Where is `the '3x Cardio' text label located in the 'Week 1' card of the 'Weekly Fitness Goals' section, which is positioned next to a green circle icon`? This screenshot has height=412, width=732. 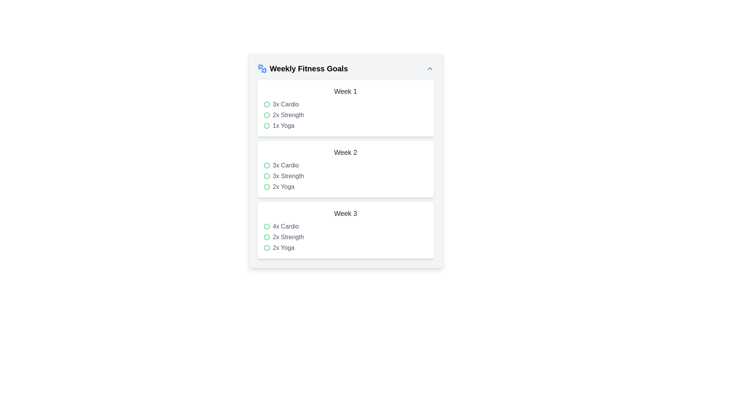 the '3x Cardio' text label located in the 'Week 1' card of the 'Weekly Fitness Goals' section, which is positioned next to a green circle icon is located at coordinates (285, 104).